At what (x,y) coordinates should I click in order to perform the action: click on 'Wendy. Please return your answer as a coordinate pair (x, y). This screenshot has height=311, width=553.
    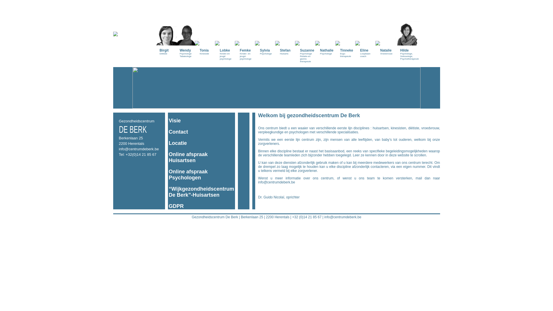
    Looking at the image, I should click on (187, 31).